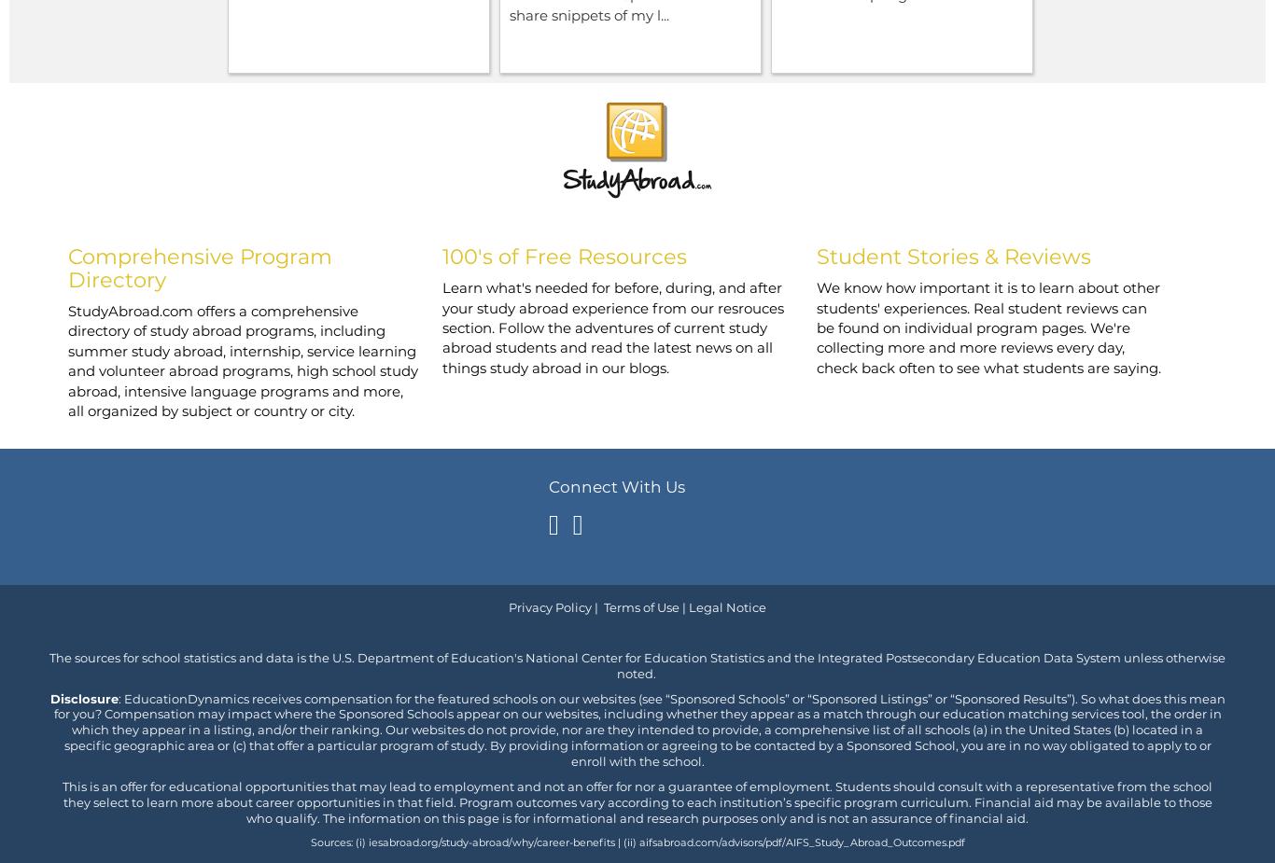  What do you see at coordinates (337, 841) in the screenshot?
I see `'Sources: (i)'` at bounding box center [337, 841].